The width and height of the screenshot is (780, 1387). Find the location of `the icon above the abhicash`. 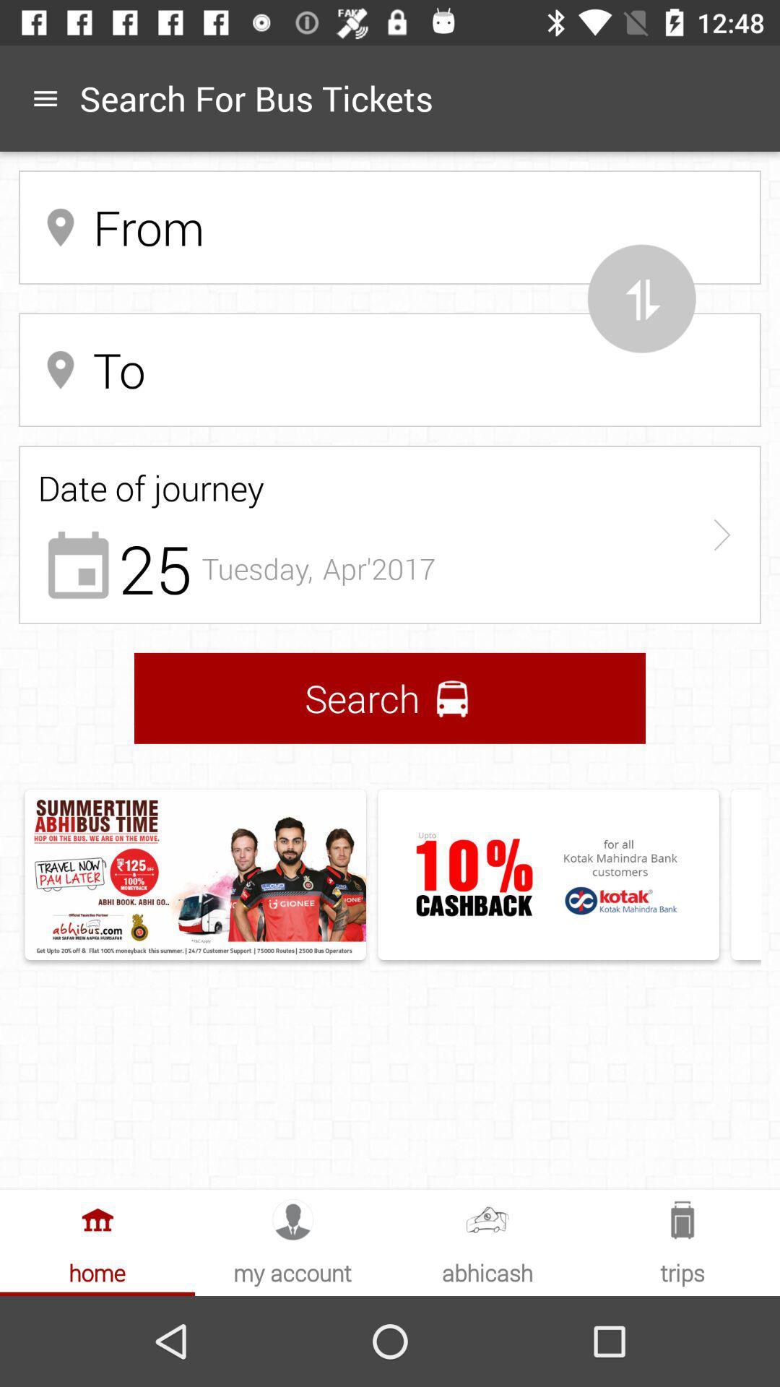

the icon above the abhicash is located at coordinates (487, 1219).